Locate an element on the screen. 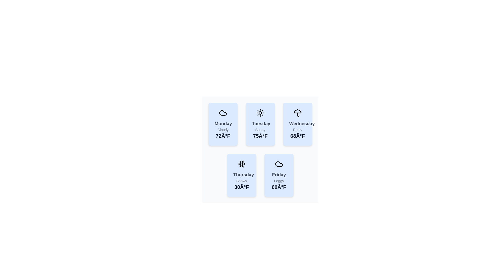 The width and height of the screenshot is (491, 276). the text label displaying '30°F' in bold font and dark gray color, located at the bottom left of the card presenting information for Thursday is located at coordinates (241, 187).